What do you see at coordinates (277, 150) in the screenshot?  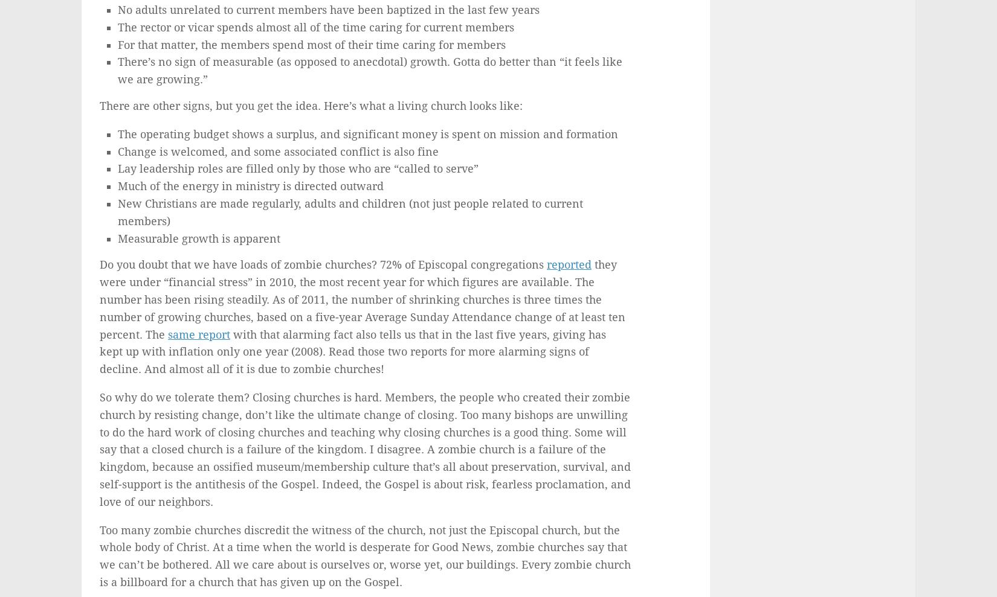 I see `'Change is welcomed, and some associated conflict is also fine'` at bounding box center [277, 150].